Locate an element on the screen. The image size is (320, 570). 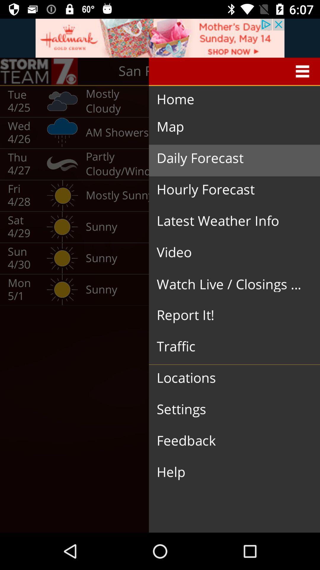
the item to the right of the sunny is located at coordinates (229, 252).